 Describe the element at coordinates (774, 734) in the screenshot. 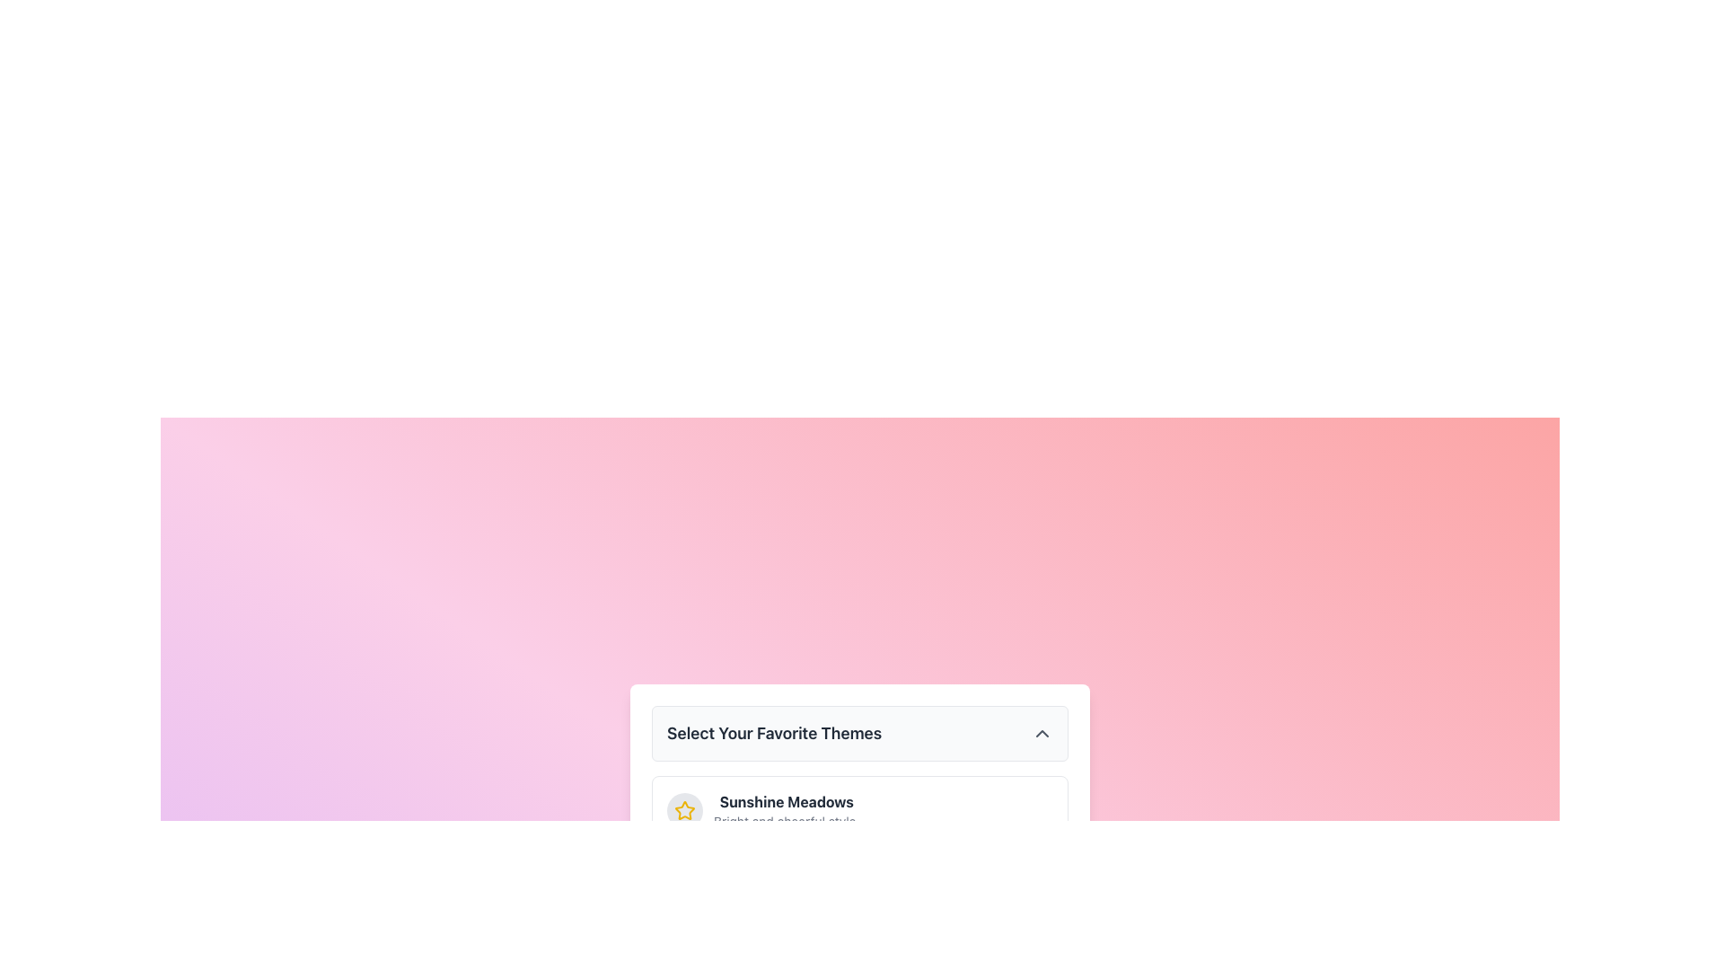

I see `the text label displaying 'Select Your Favorite Themes', which is positioned in the upper left section of a UI card, featuring a dark gray font on a light gray background` at that location.